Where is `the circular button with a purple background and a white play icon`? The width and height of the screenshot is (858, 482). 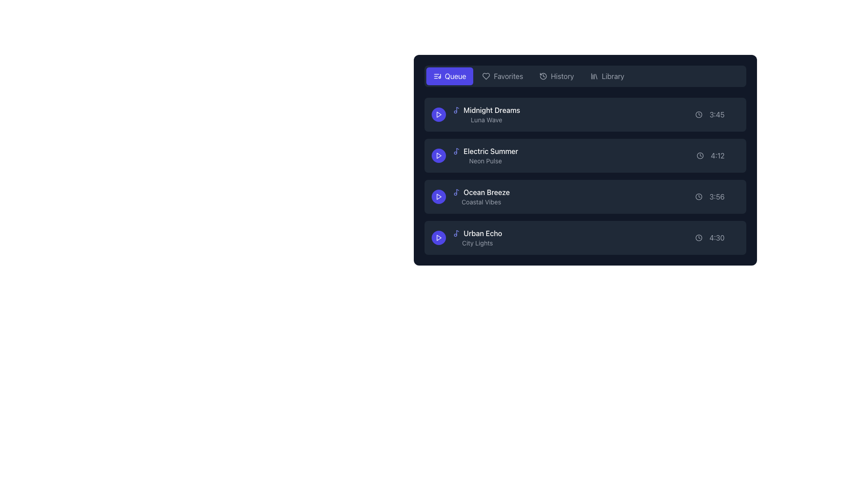 the circular button with a purple background and a white play icon is located at coordinates (438, 196).